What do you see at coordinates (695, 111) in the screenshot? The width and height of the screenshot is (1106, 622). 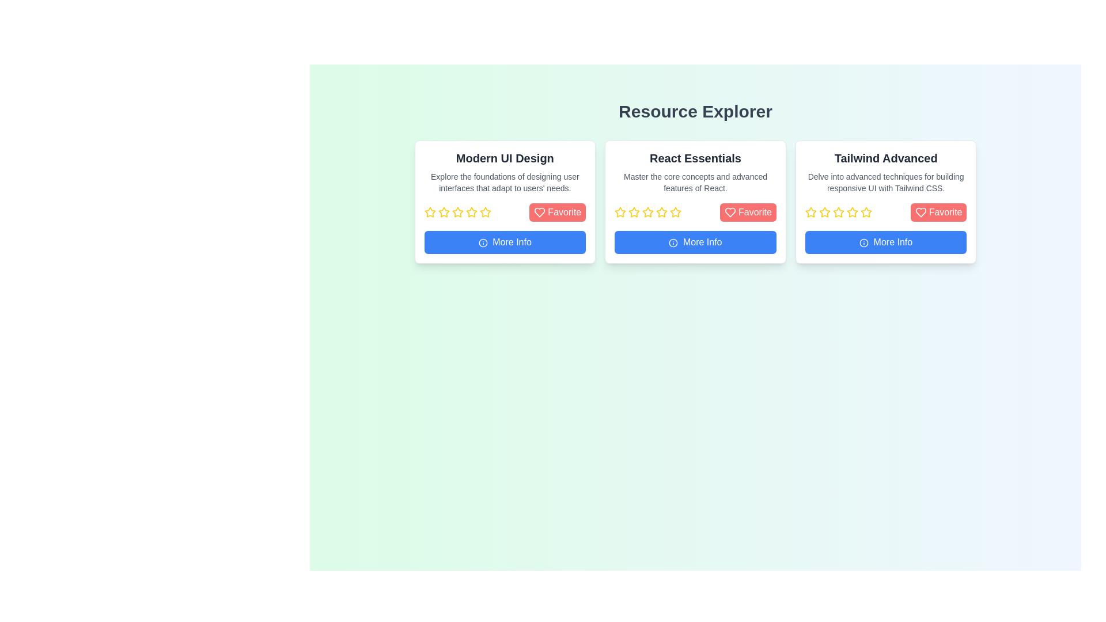 I see `heading text 'Resource Explorer' which is prominently displayed in bold, large typography in dark gray color against a light background` at bounding box center [695, 111].